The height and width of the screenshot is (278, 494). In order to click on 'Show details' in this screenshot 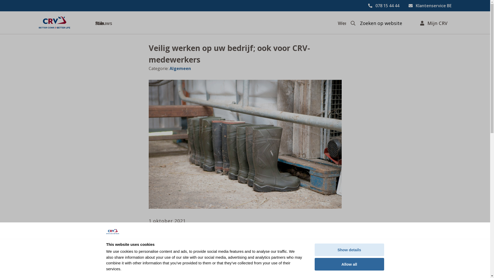, I will do `click(349, 249)`.